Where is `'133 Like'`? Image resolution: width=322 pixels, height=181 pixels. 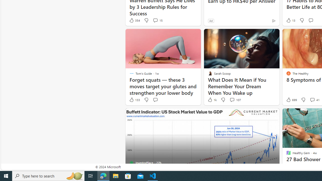
'133 Like' is located at coordinates (134, 100).